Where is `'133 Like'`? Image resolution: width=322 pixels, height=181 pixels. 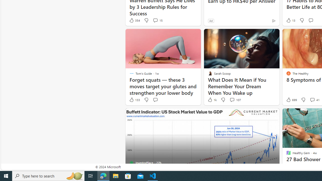
'133 Like' is located at coordinates (134, 100).